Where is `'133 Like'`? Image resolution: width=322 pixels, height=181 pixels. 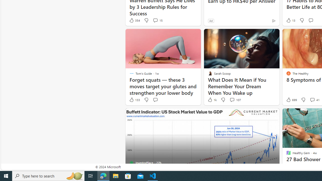
'133 Like' is located at coordinates (134, 100).